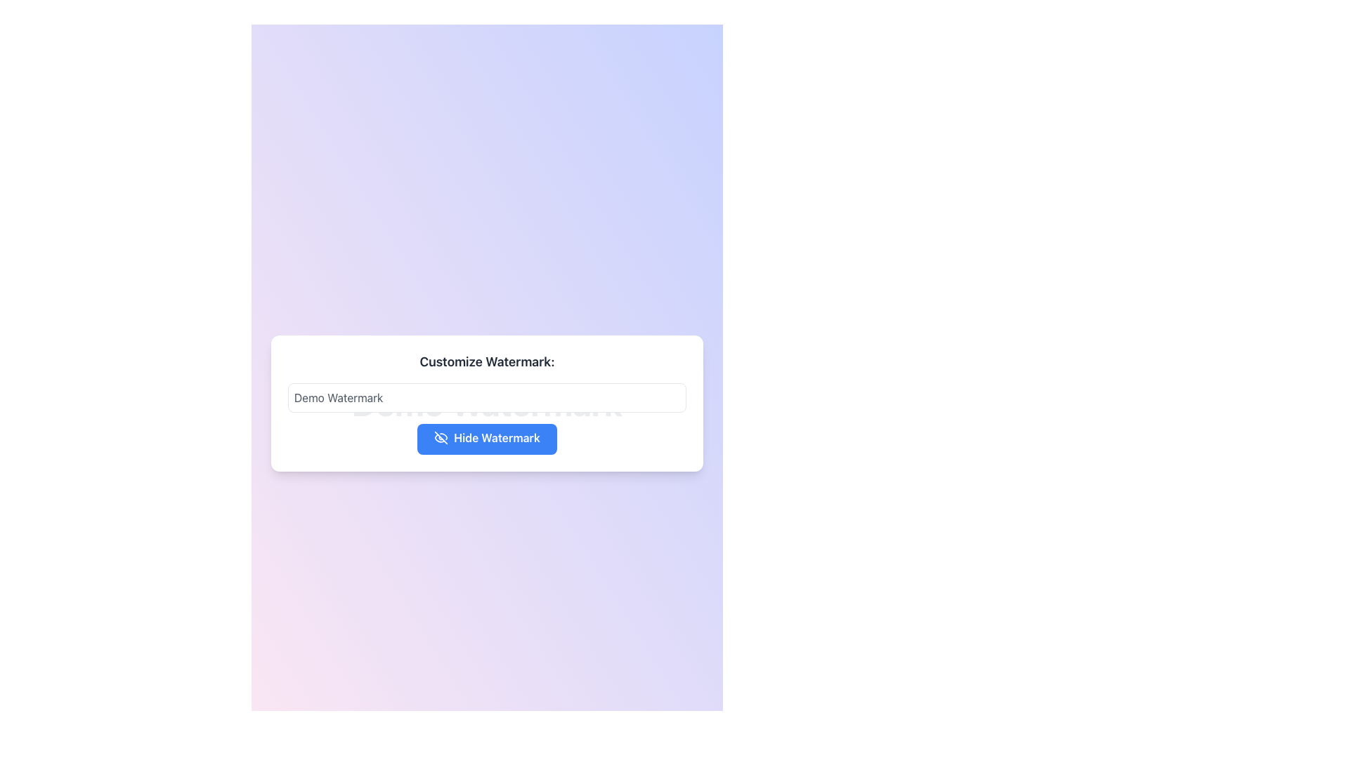 The image size is (1349, 758). What do you see at coordinates (487, 438) in the screenshot?
I see `the blue button labeled 'Hide Watermark' with rounded corners` at bounding box center [487, 438].